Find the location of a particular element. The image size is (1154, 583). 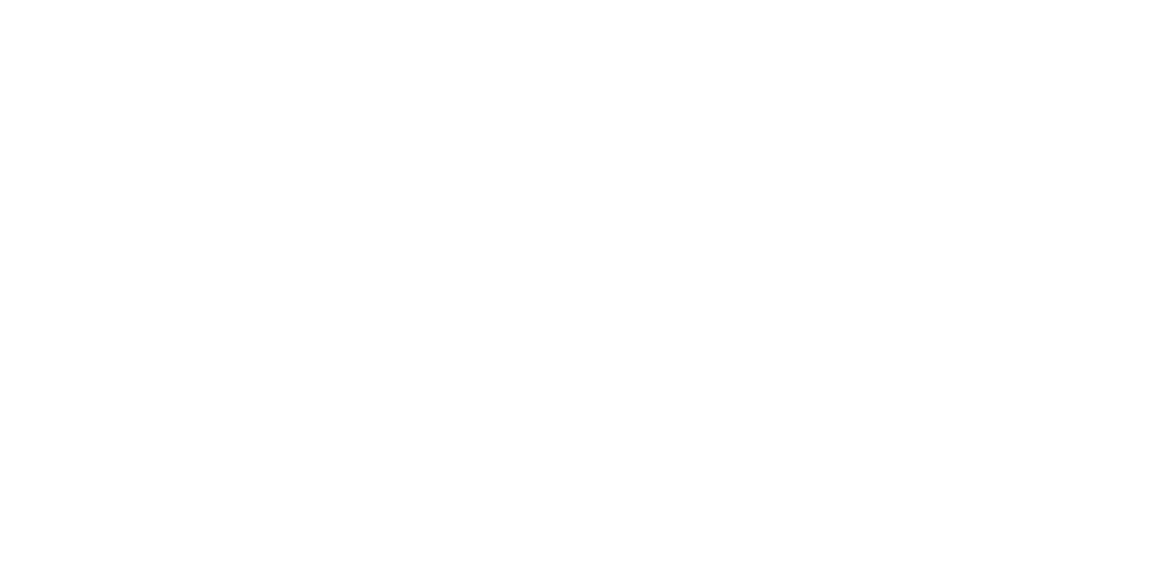

'January 2011' is located at coordinates (759, 534).